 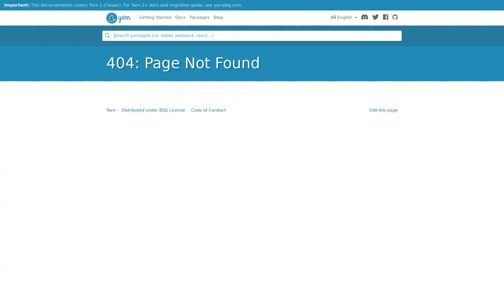 I want to click on Submit your search query., so click(x=107, y=35).